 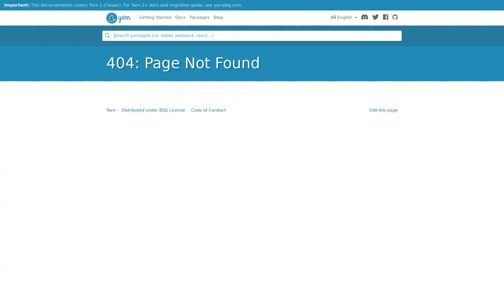 I want to click on Submit your search query., so click(x=107, y=35).